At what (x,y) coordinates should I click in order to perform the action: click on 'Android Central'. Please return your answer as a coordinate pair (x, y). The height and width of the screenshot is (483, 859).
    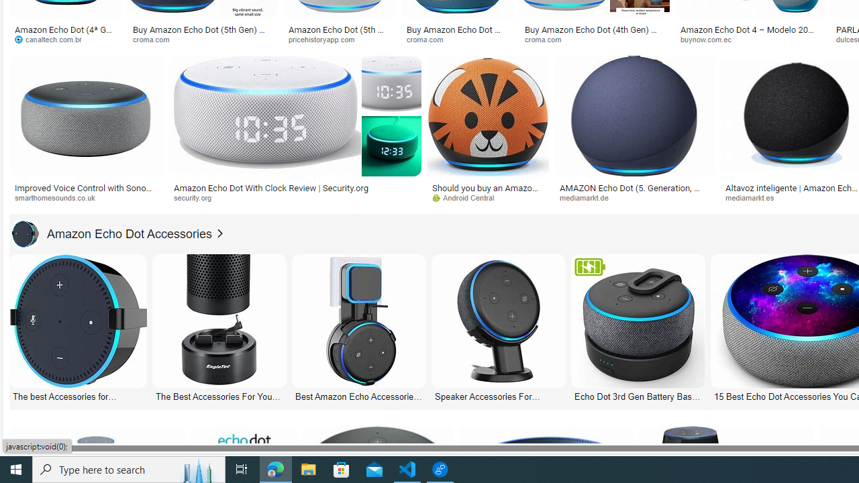
    Looking at the image, I should click on (487, 198).